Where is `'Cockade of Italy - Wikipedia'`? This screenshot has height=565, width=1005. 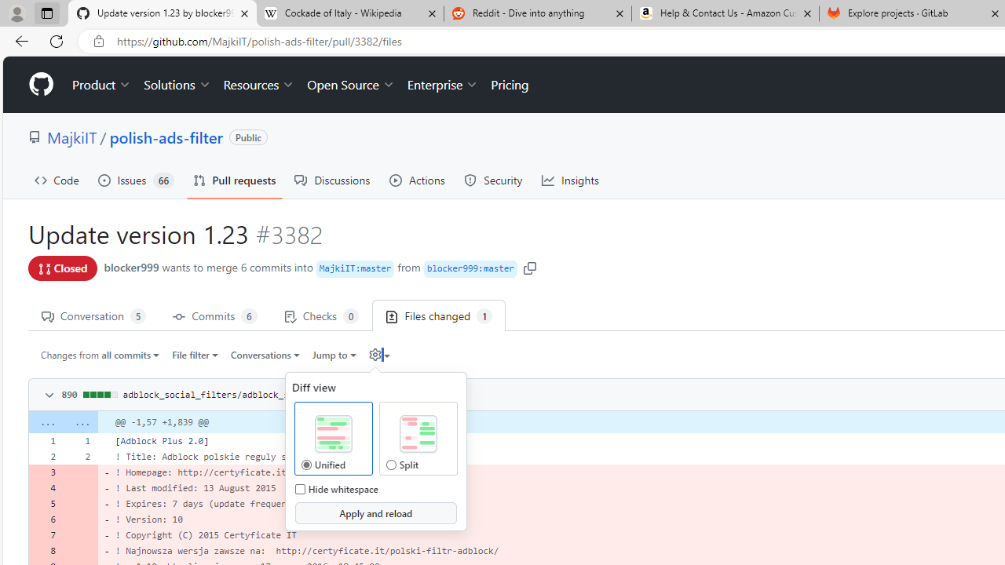
'Cockade of Italy - Wikipedia' is located at coordinates (349, 13).